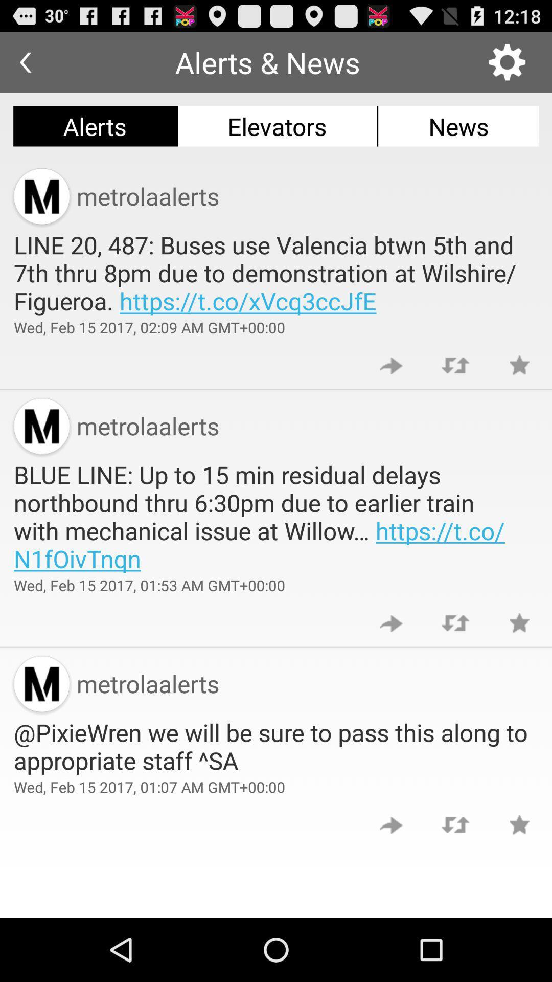 The height and width of the screenshot is (982, 552). I want to click on item above alerts item, so click(25, 62).